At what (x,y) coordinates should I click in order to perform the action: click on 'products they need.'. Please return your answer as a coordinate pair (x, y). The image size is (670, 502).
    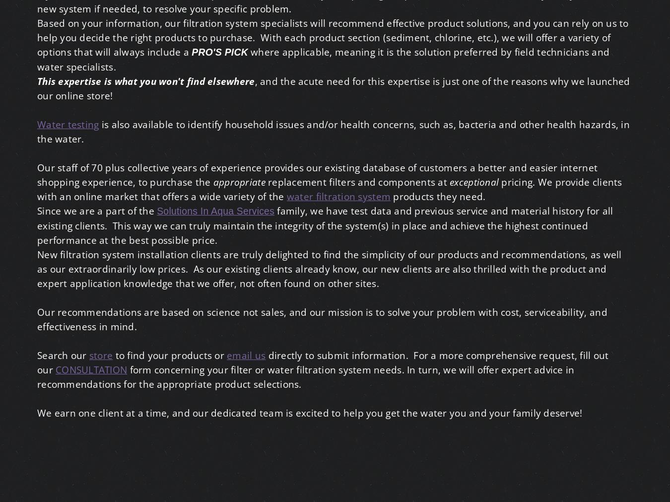
    Looking at the image, I should click on (438, 196).